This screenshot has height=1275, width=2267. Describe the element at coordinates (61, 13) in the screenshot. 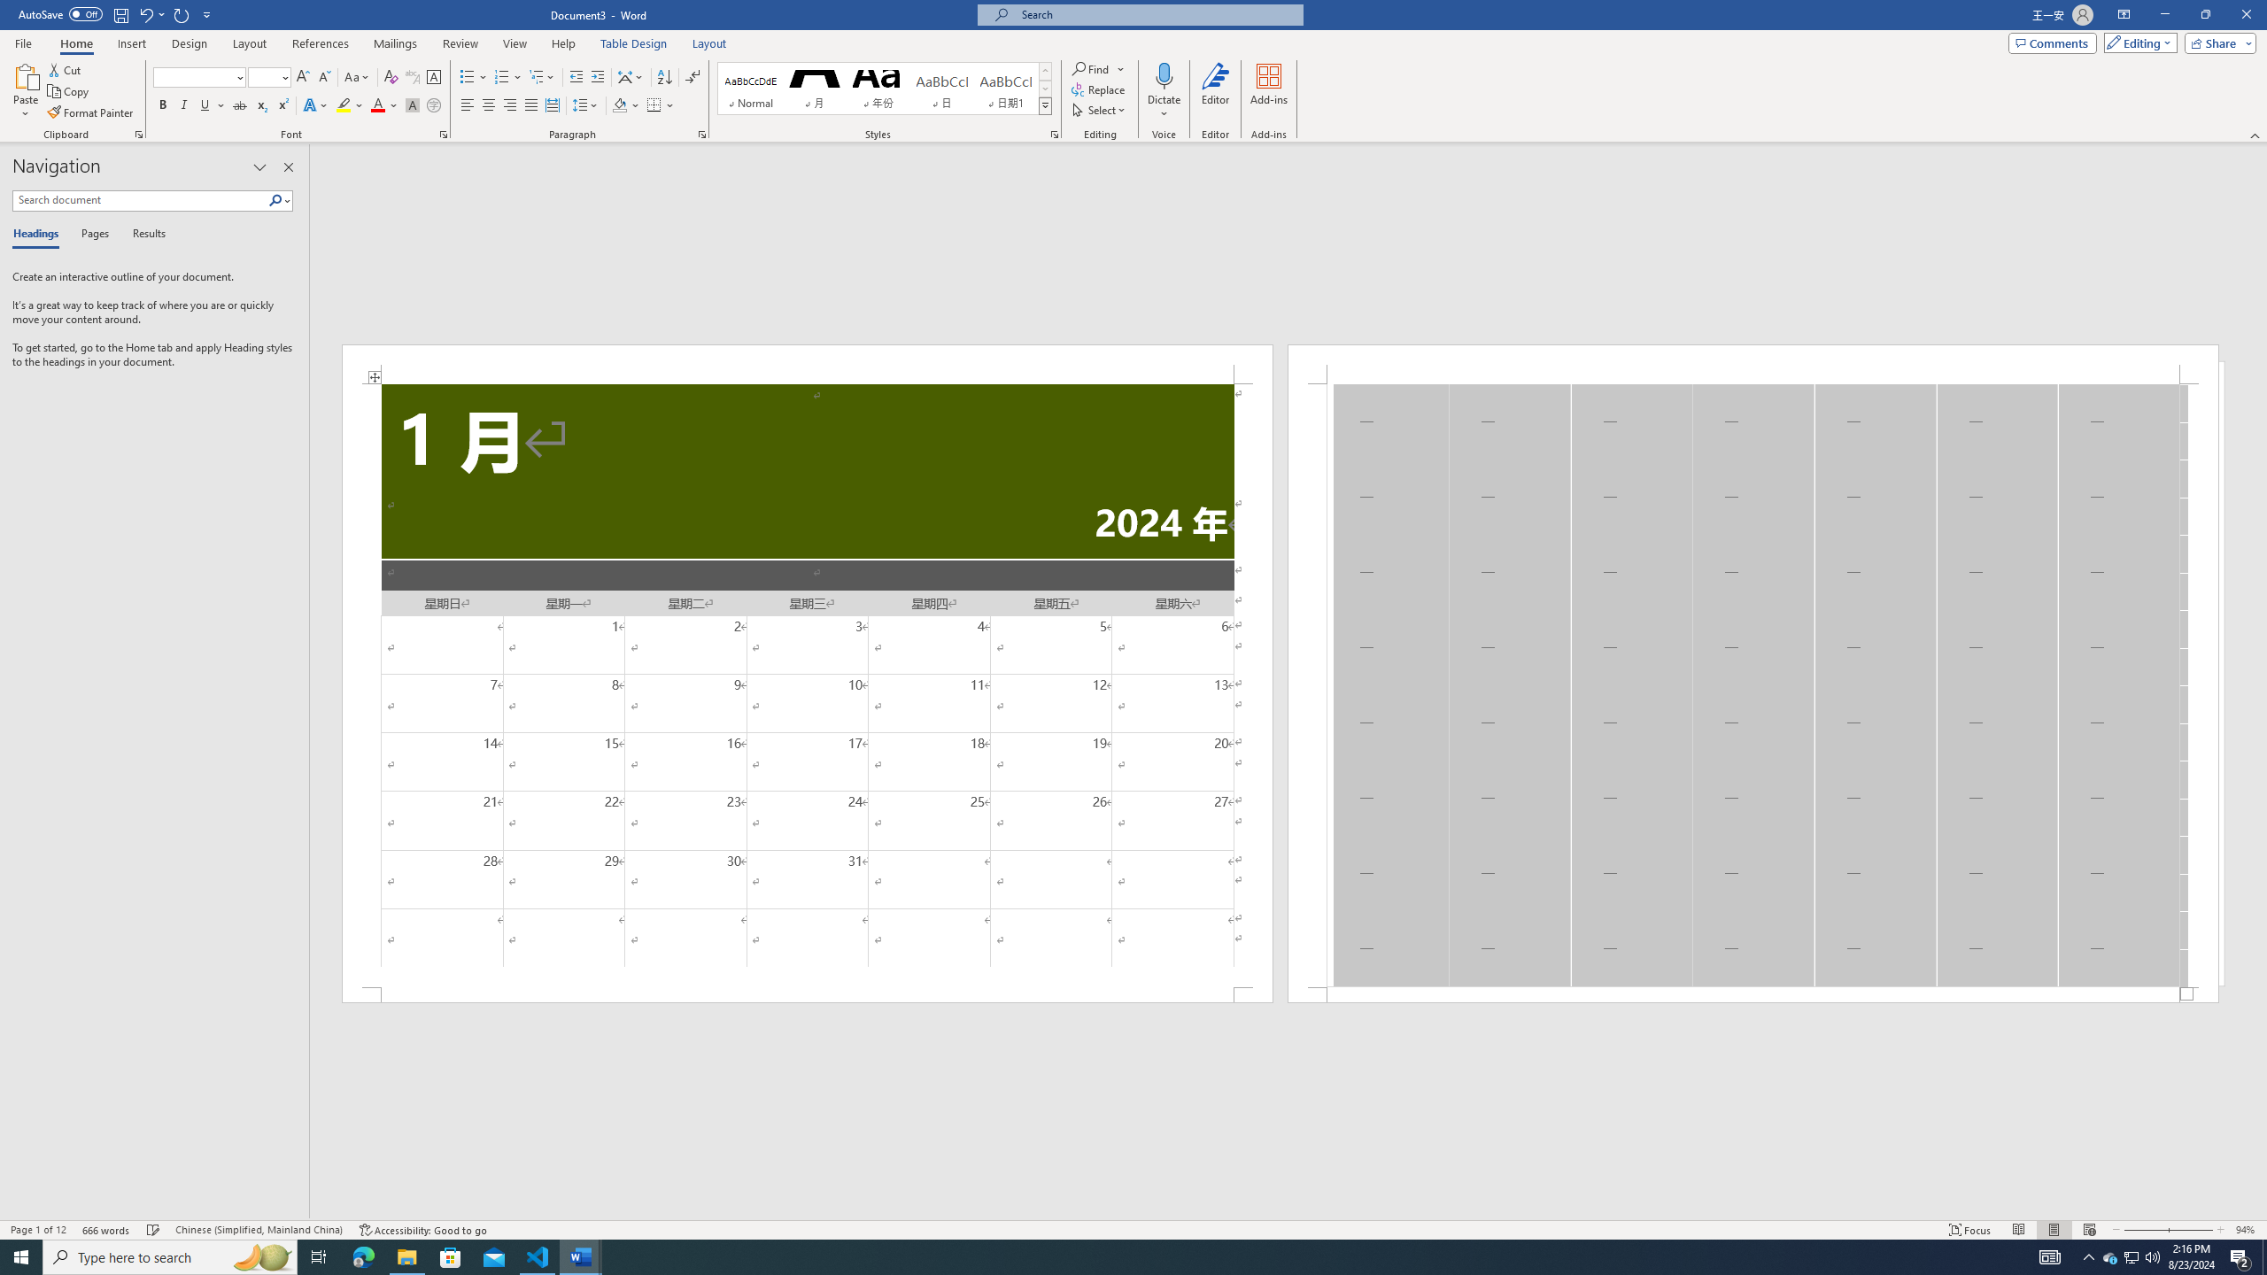

I see `'AutoSave'` at that location.